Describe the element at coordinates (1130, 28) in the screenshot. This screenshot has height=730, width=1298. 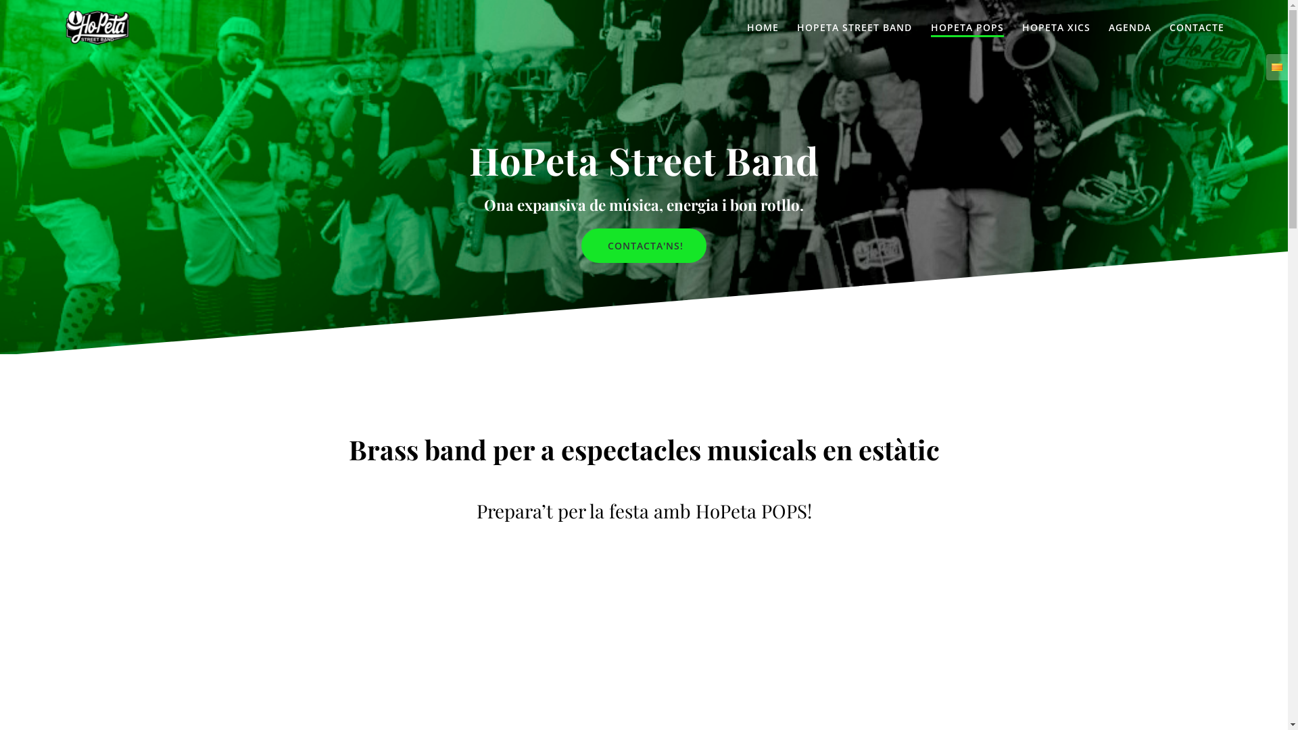
I see `'AGENDA'` at that location.